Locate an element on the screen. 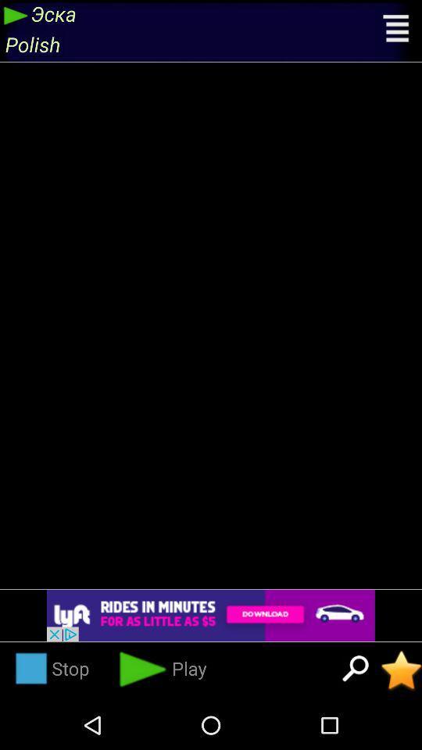  open advertisement is located at coordinates (211, 616).